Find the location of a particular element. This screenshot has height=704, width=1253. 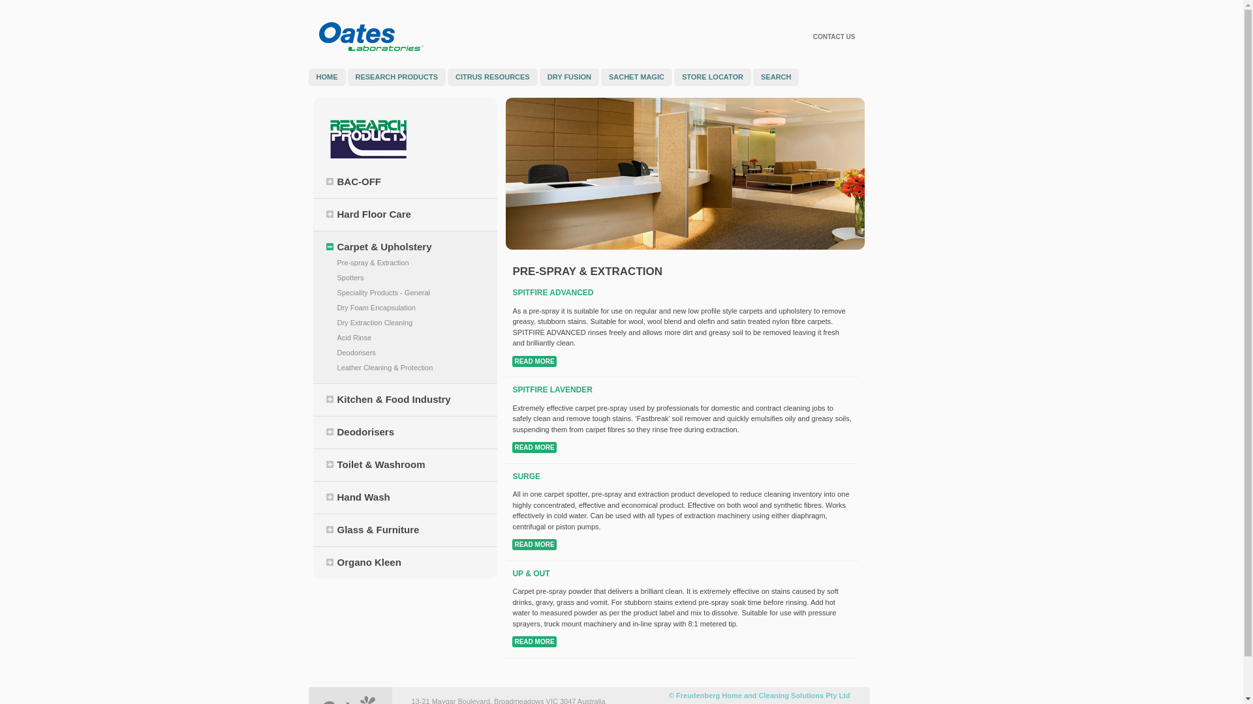

'Kitchen & Food Industry' is located at coordinates (388, 398).